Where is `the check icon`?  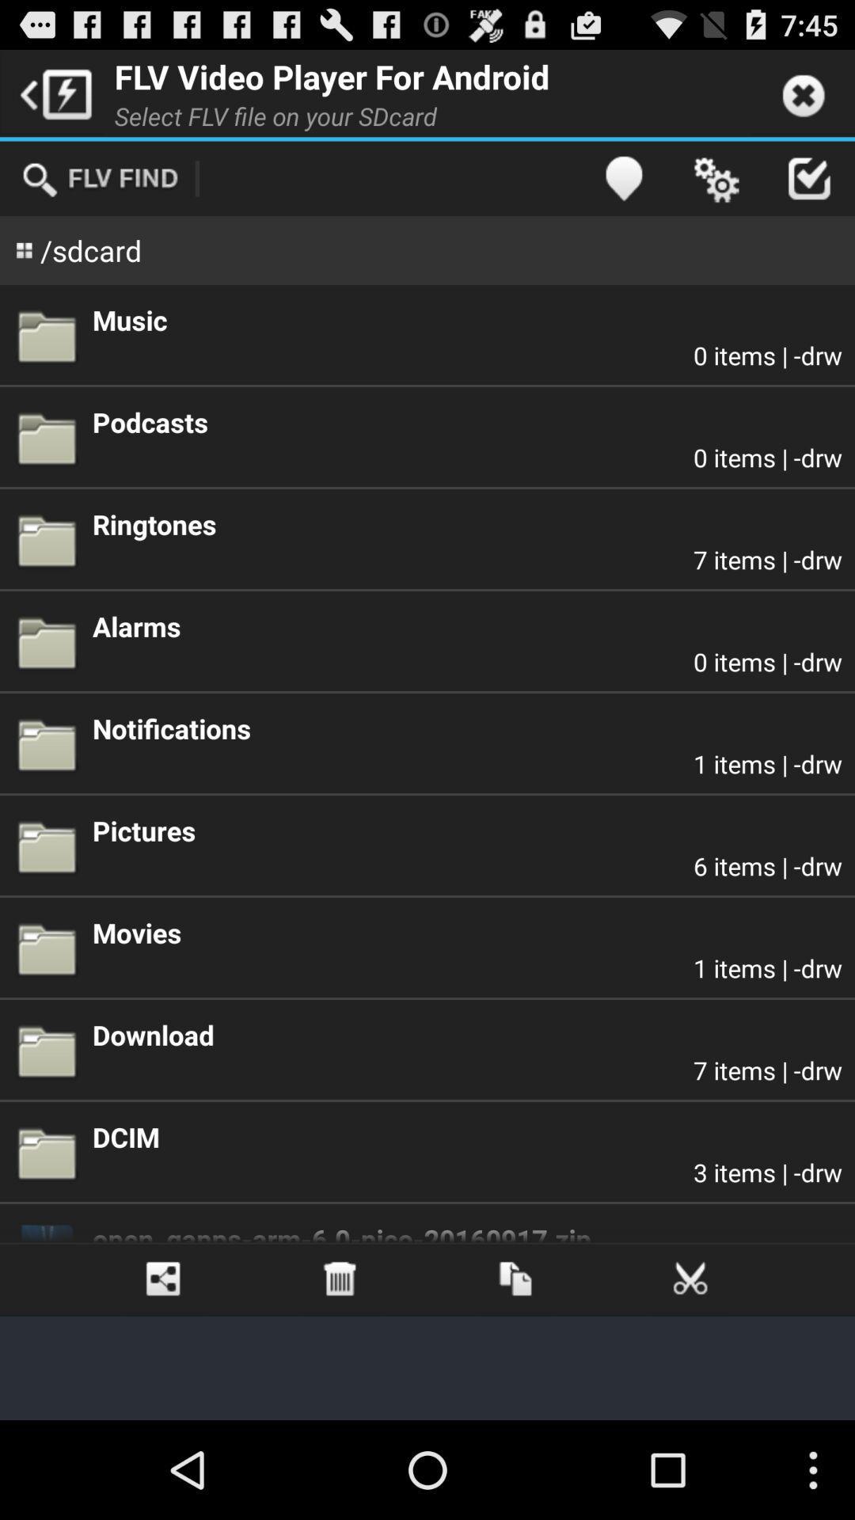
the check icon is located at coordinates (808, 190).